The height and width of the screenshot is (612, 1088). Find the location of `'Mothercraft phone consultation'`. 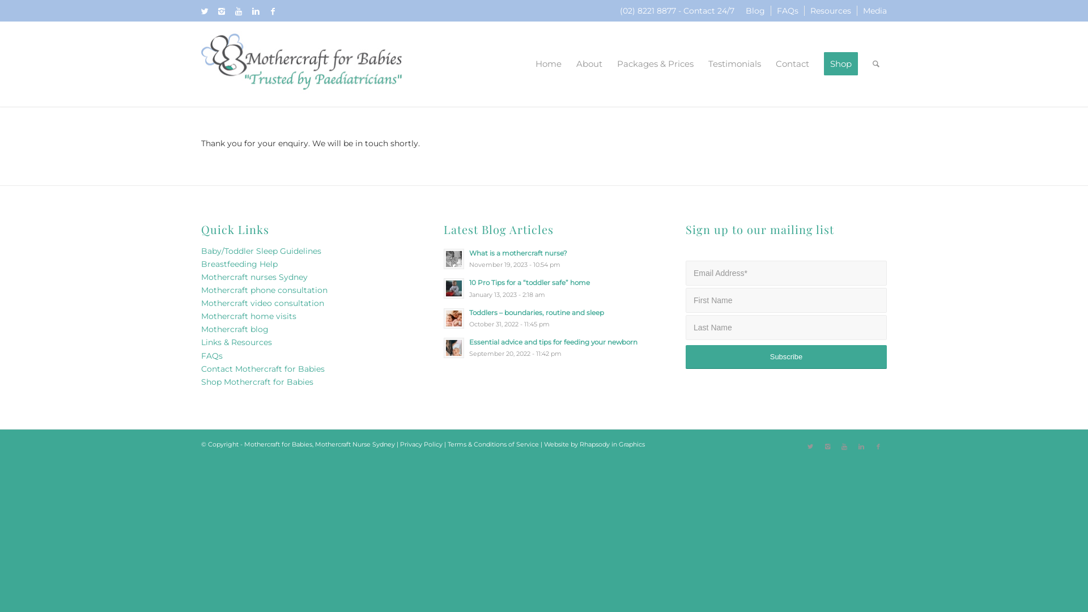

'Mothercraft phone consultation' is located at coordinates (263, 290).